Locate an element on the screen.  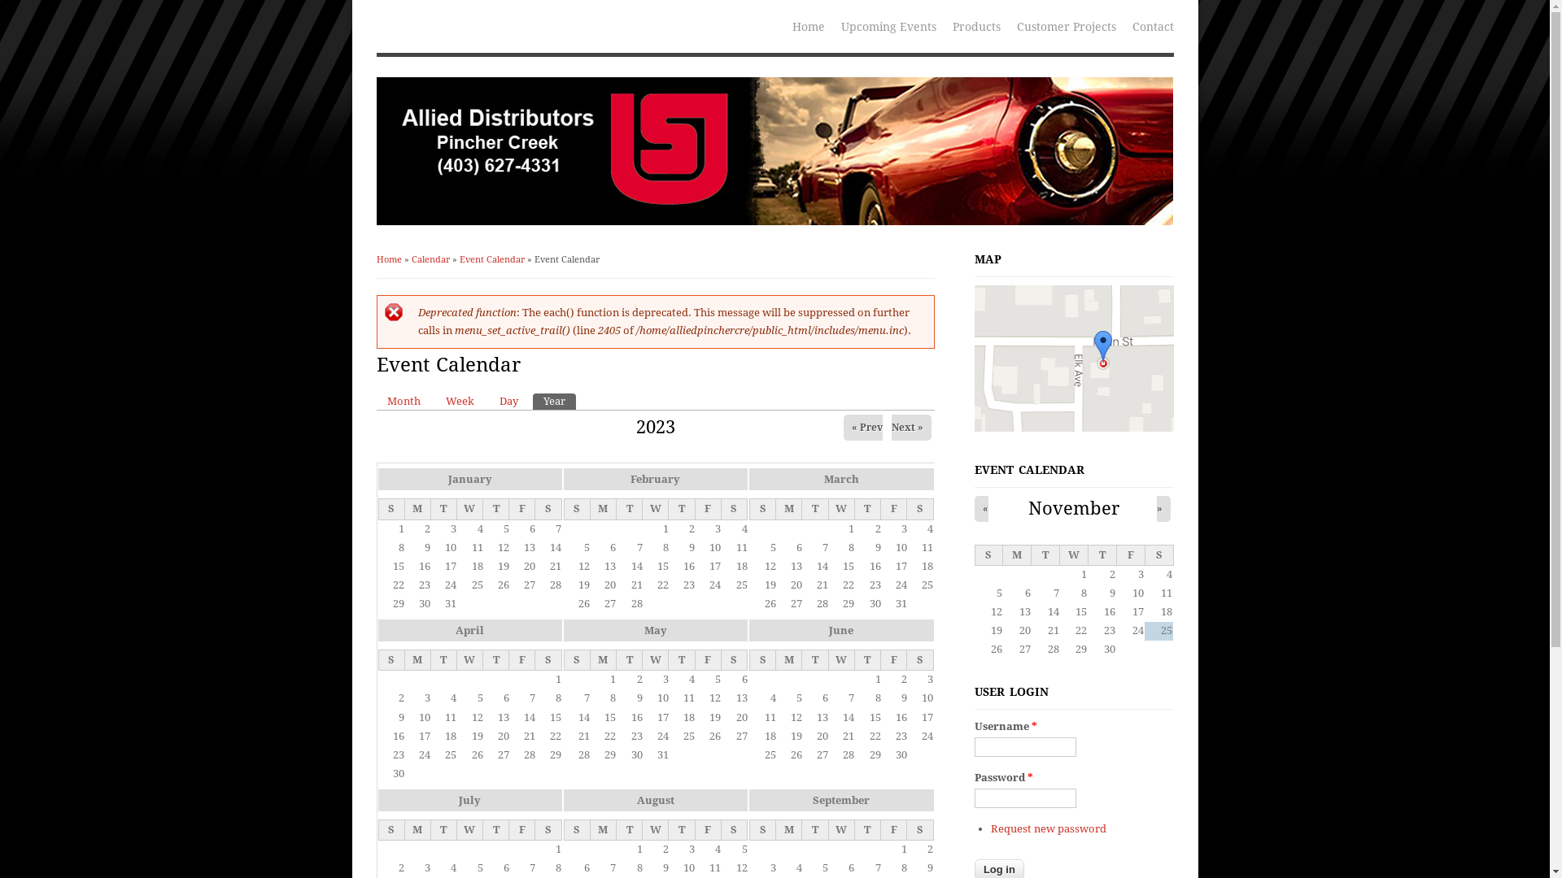
'January' is located at coordinates (468, 478).